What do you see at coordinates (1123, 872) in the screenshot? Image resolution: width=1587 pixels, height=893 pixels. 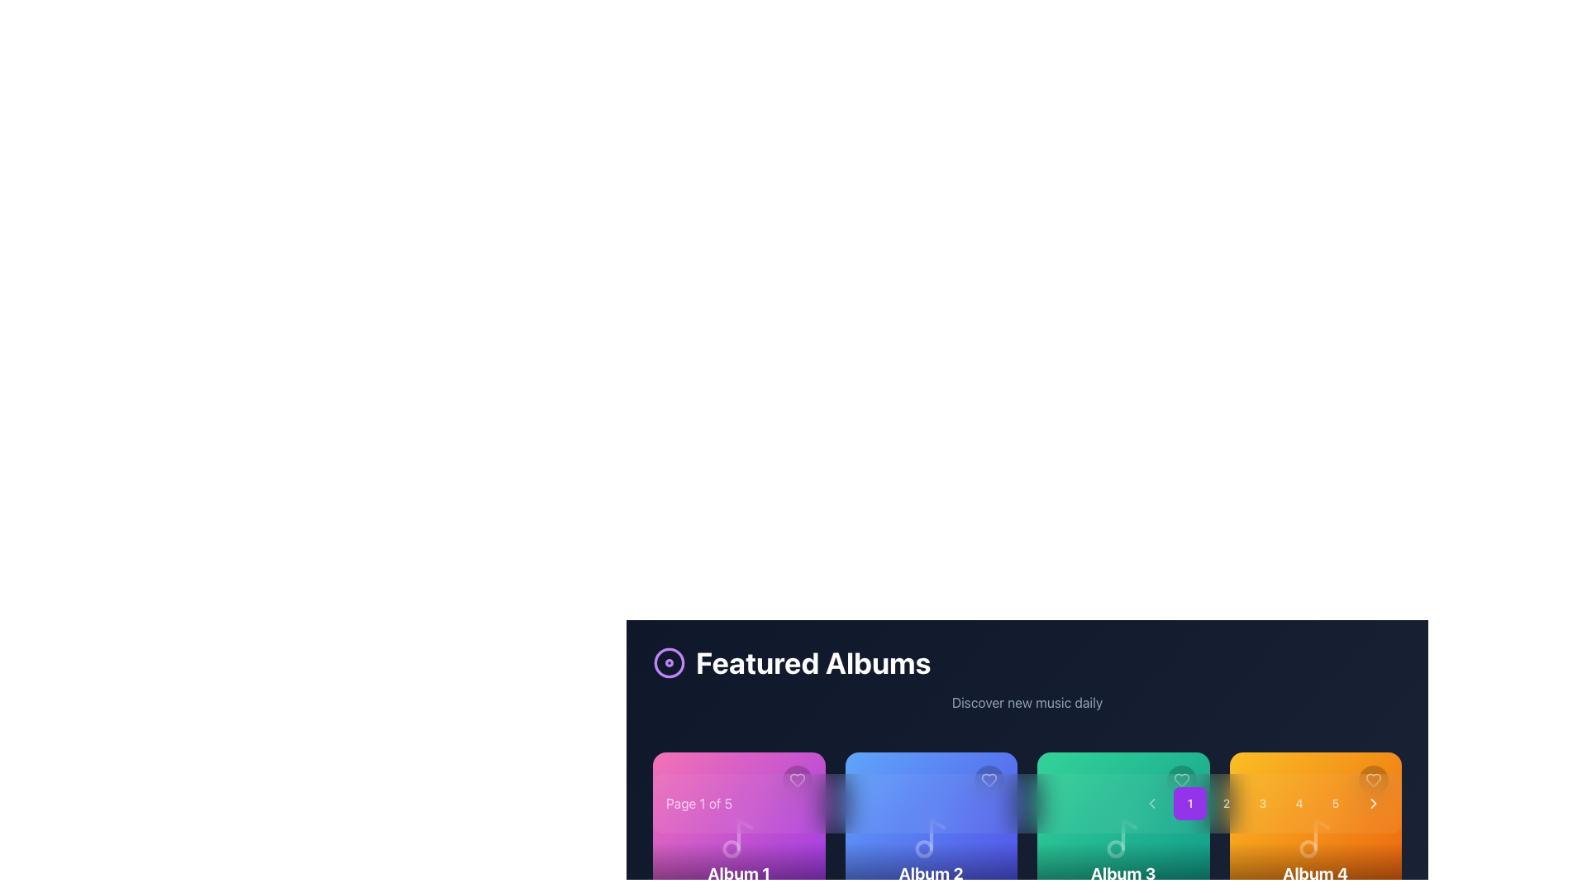 I see `the text label displaying the album name 'Album 3' located in the footer section of the third album card` at bounding box center [1123, 872].